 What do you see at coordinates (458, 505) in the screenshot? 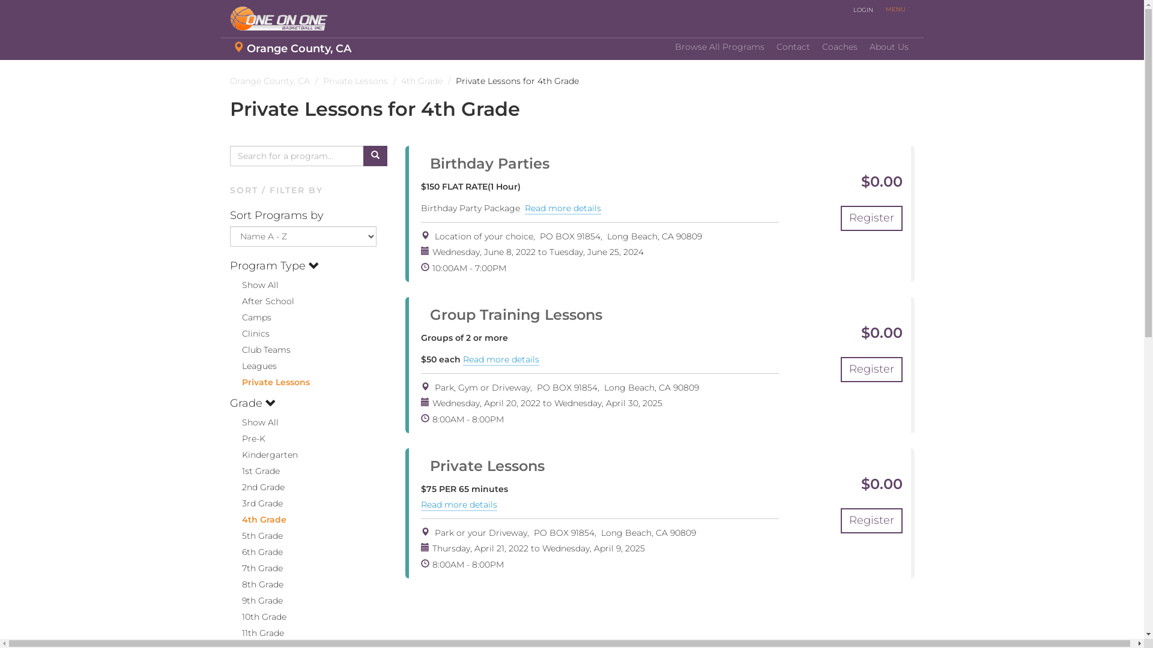
I see `'Read more details` at bounding box center [458, 505].